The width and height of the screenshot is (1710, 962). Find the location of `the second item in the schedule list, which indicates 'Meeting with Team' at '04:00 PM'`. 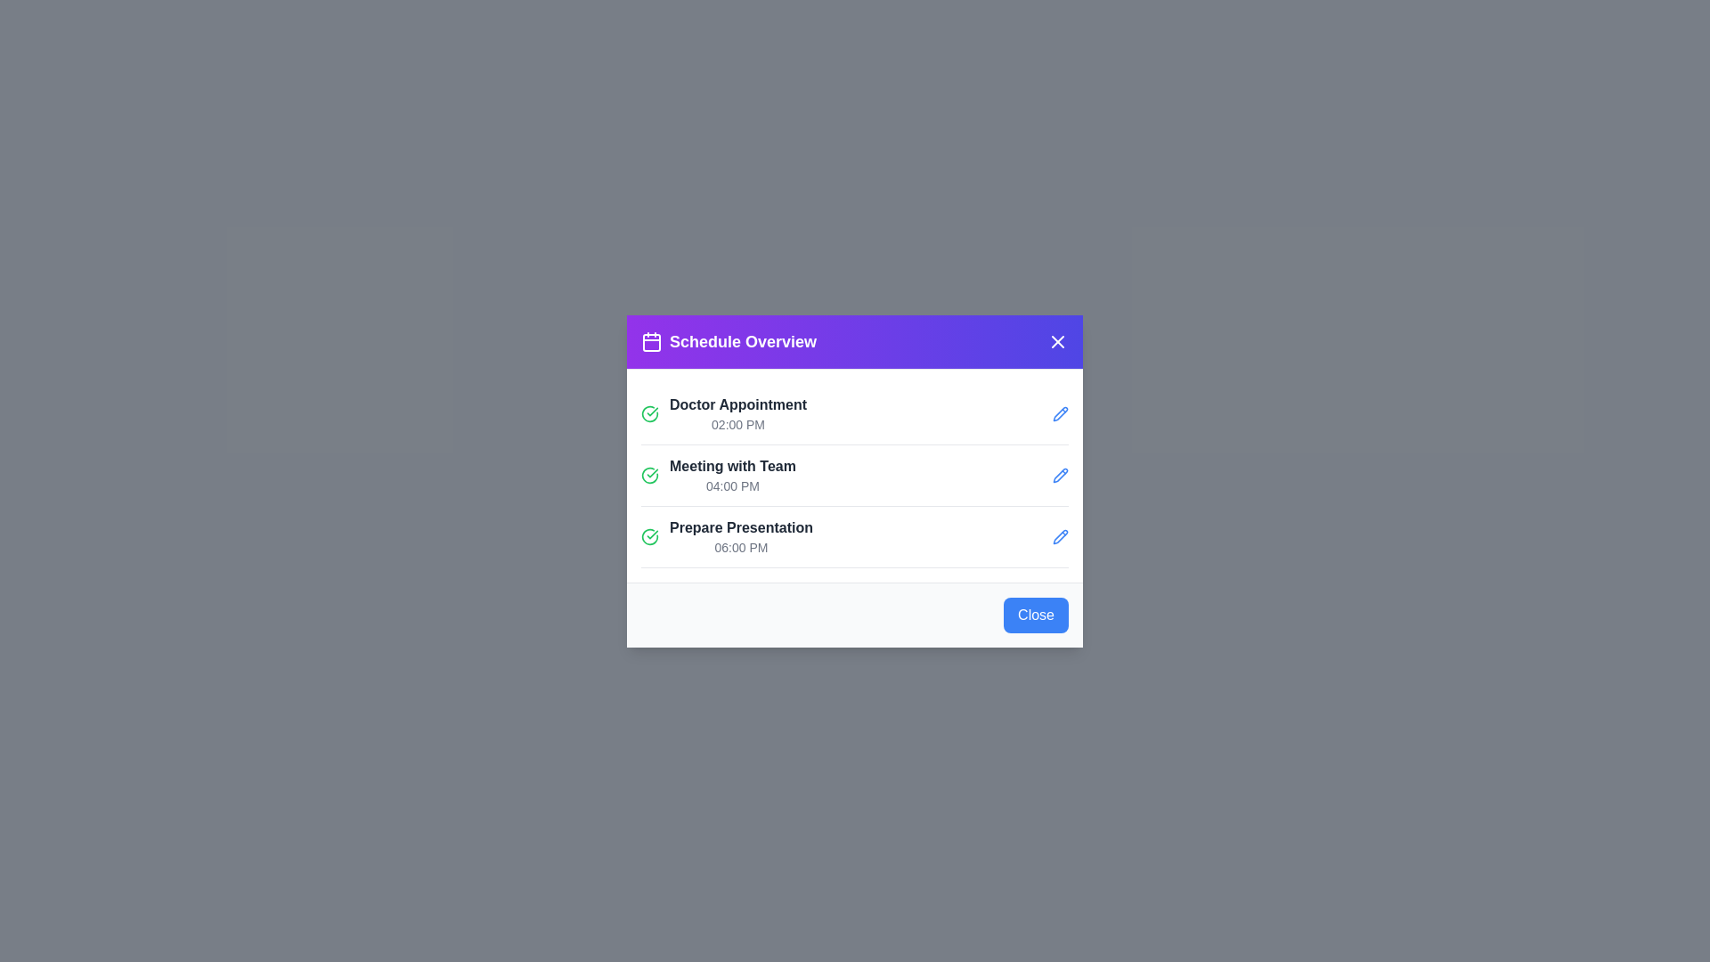

the second item in the schedule list, which indicates 'Meeting with Team' at '04:00 PM' is located at coordinates (855, 481).